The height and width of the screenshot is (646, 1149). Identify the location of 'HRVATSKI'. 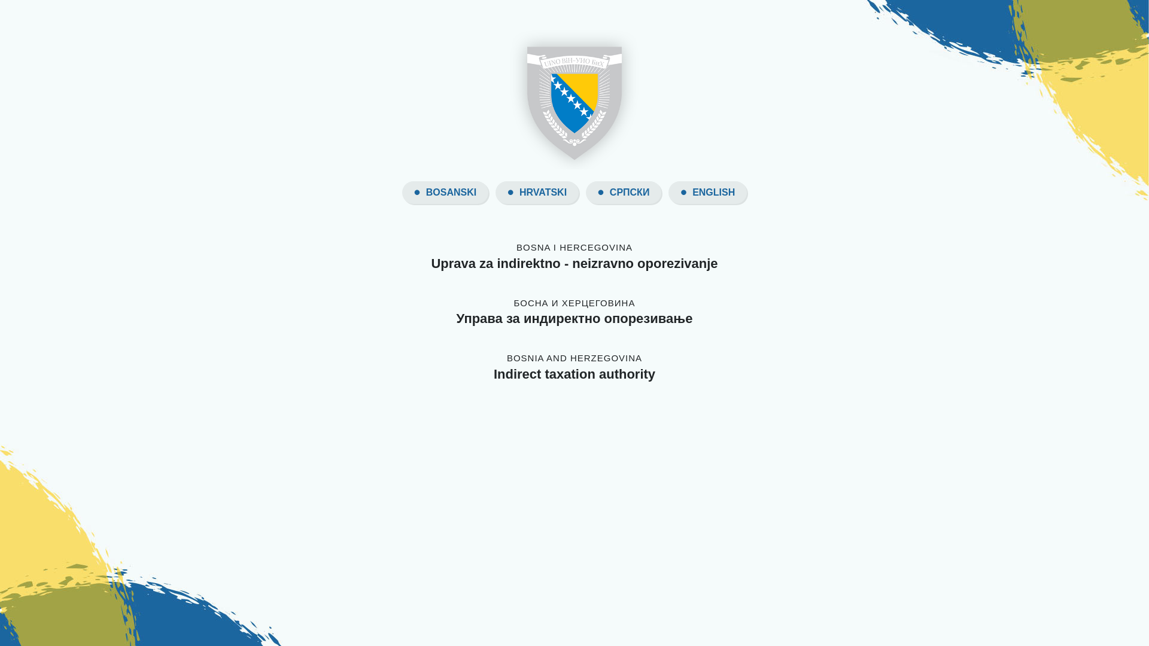
(542, 191).